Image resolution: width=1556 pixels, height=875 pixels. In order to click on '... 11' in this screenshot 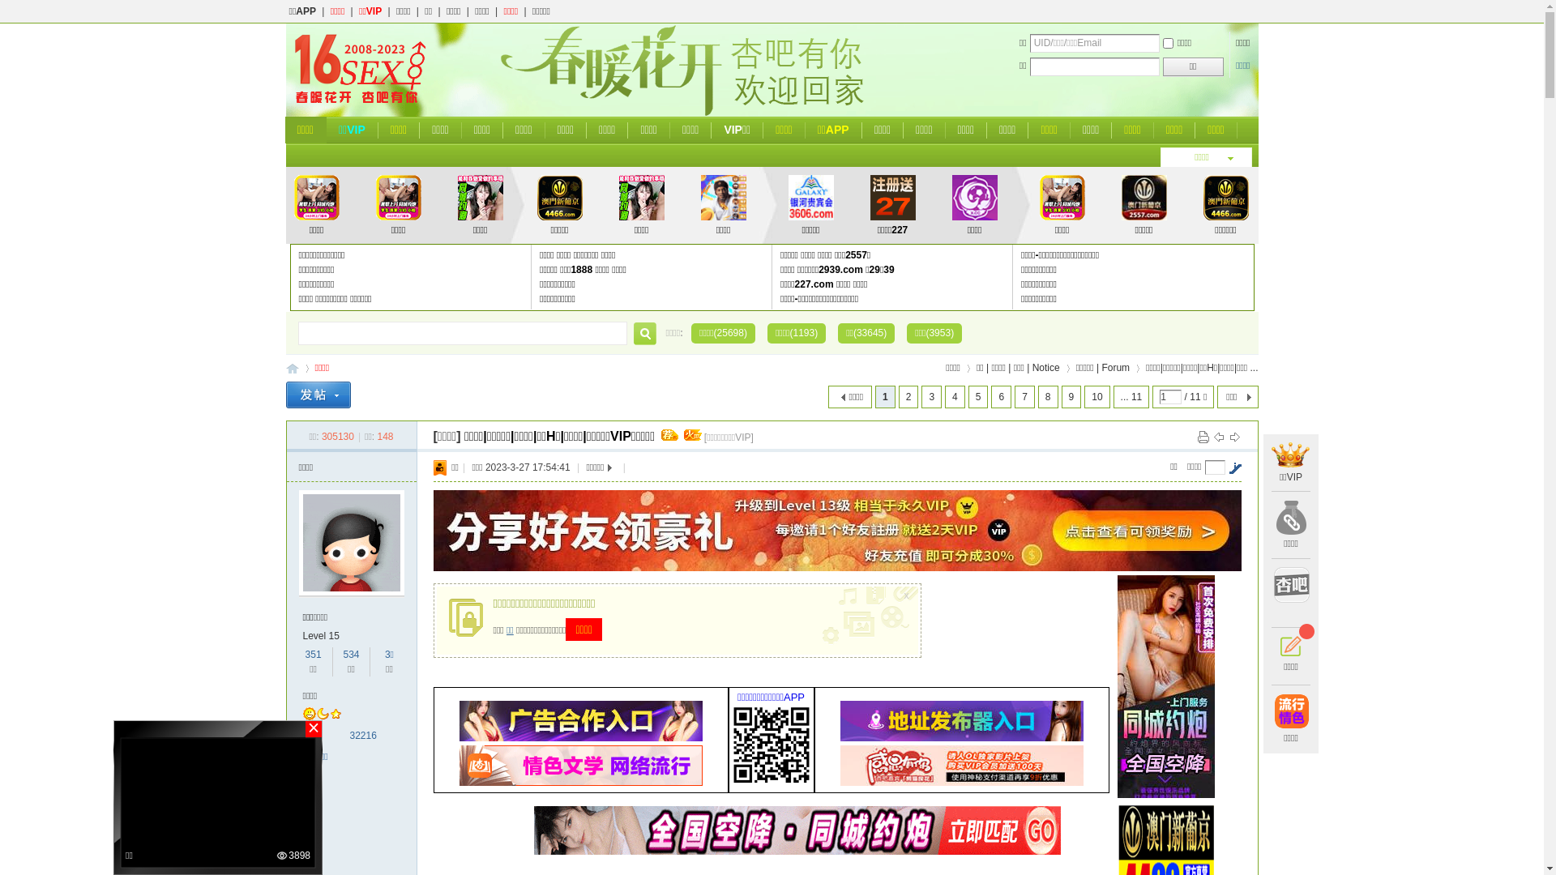, I will do `click(1131, 396)`.